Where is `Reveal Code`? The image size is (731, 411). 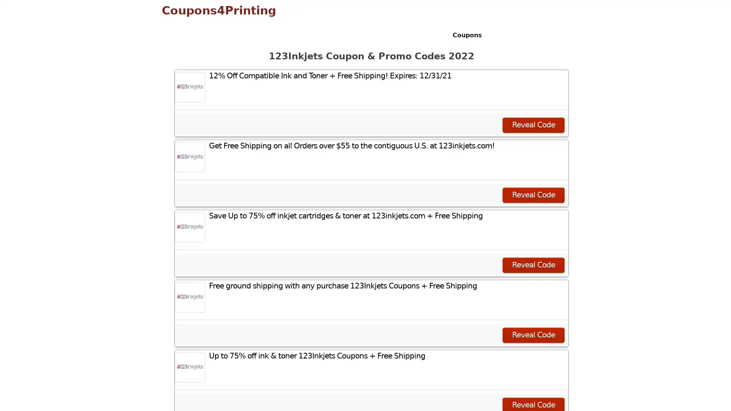 Reveal Code is located at coordinates (533, 334).